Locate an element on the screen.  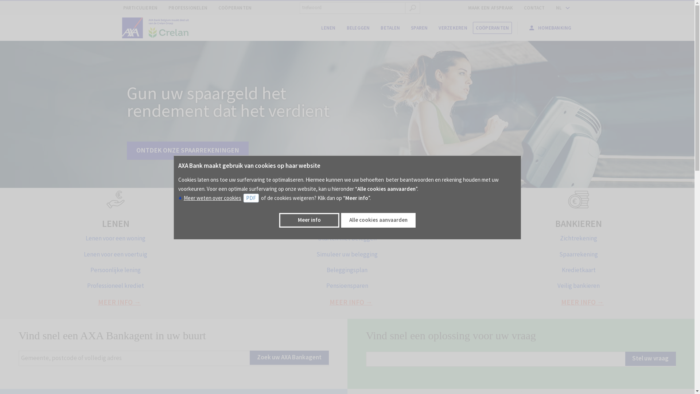
'AXA Bank' is located at coordinates (122, 28).